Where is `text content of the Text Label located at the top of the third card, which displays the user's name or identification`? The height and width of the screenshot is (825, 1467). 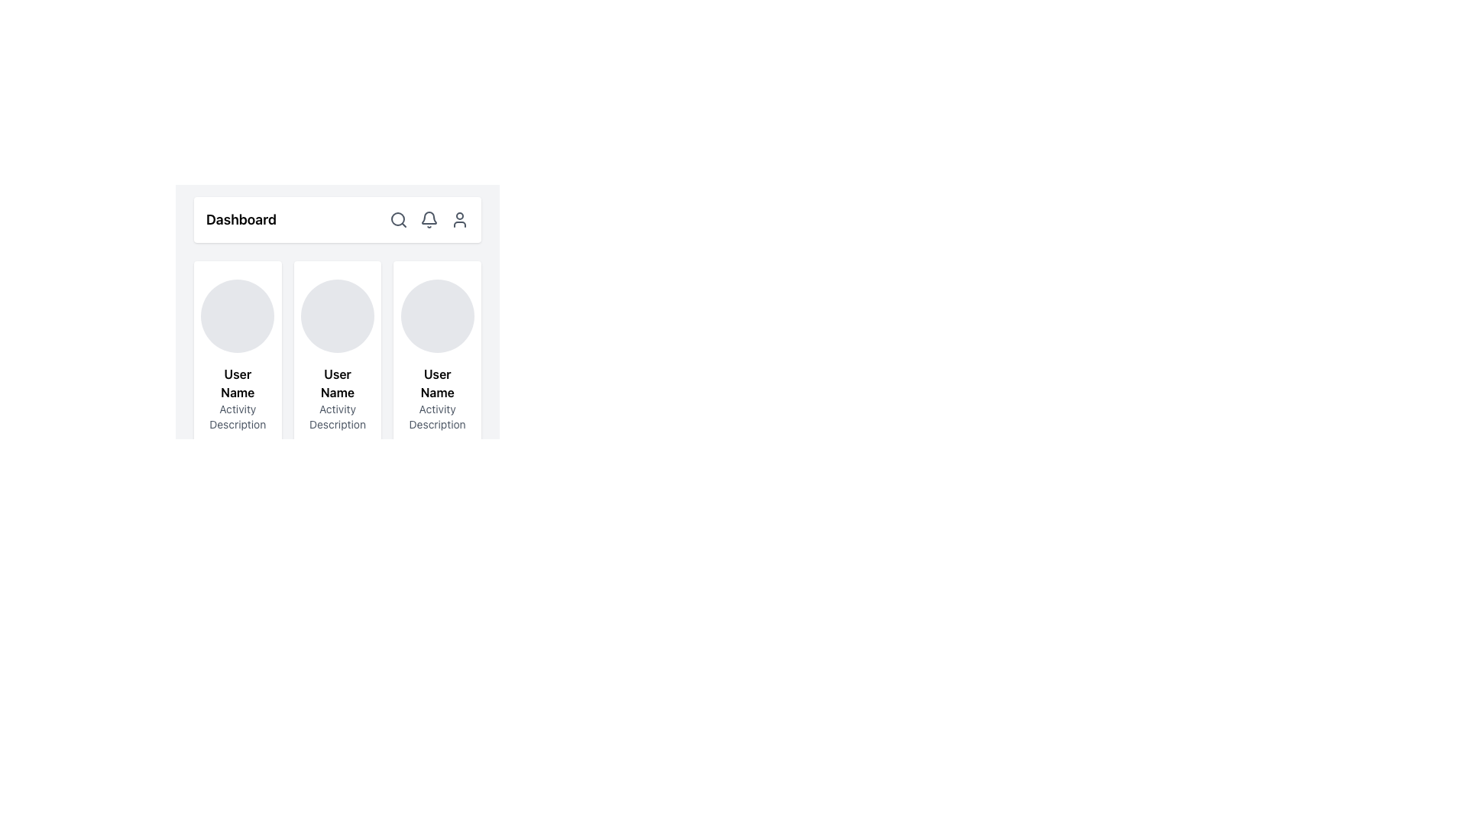
text content of the Text Label located at the top of the third card, which displays the user's name or identification is located at coordinates (436, 382).